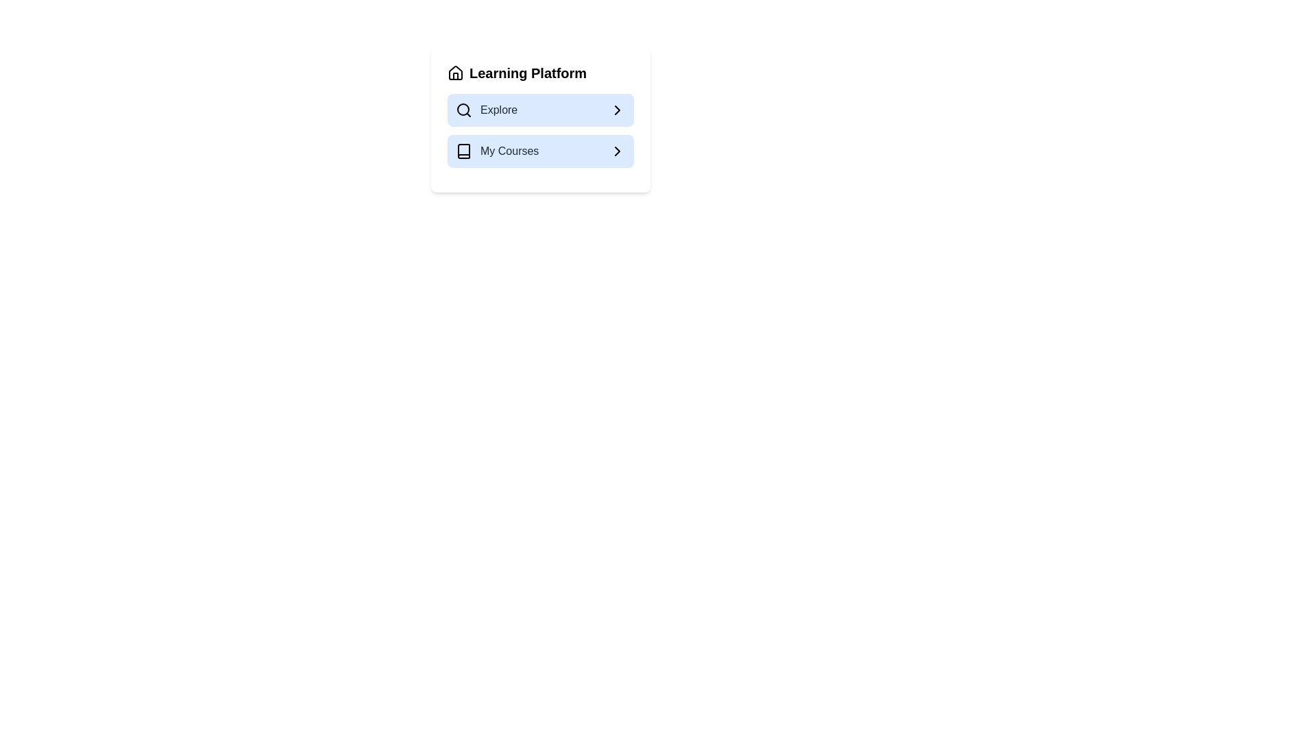 The height and width of the screenshot is (740, 1316). Describe the element at coordinates (463, 151) in the screenshot. I see `the 'My Courses' icon located in the left navigation menu` at that location.